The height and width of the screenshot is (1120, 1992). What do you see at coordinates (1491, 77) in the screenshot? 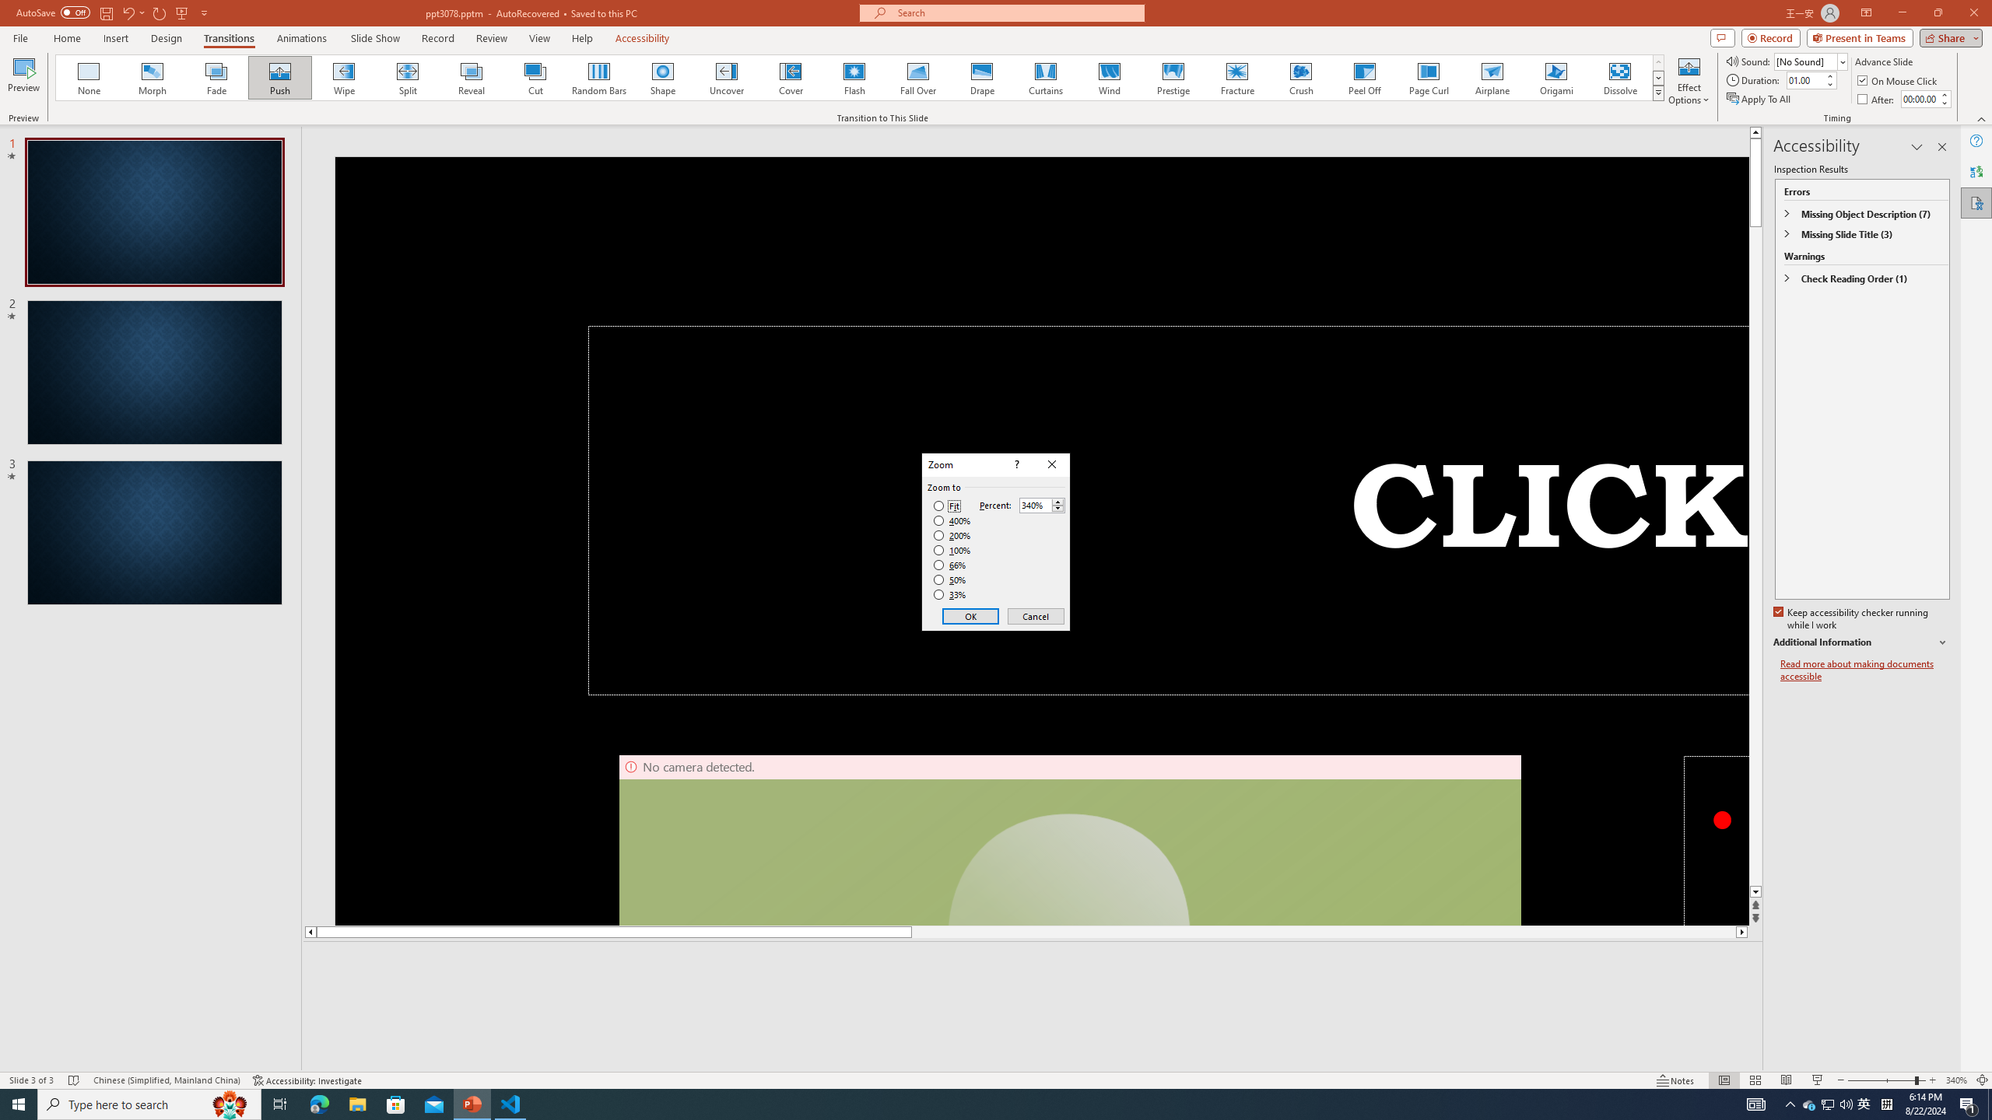
I see `'Airplane'` at bounding box center [1491, 77].